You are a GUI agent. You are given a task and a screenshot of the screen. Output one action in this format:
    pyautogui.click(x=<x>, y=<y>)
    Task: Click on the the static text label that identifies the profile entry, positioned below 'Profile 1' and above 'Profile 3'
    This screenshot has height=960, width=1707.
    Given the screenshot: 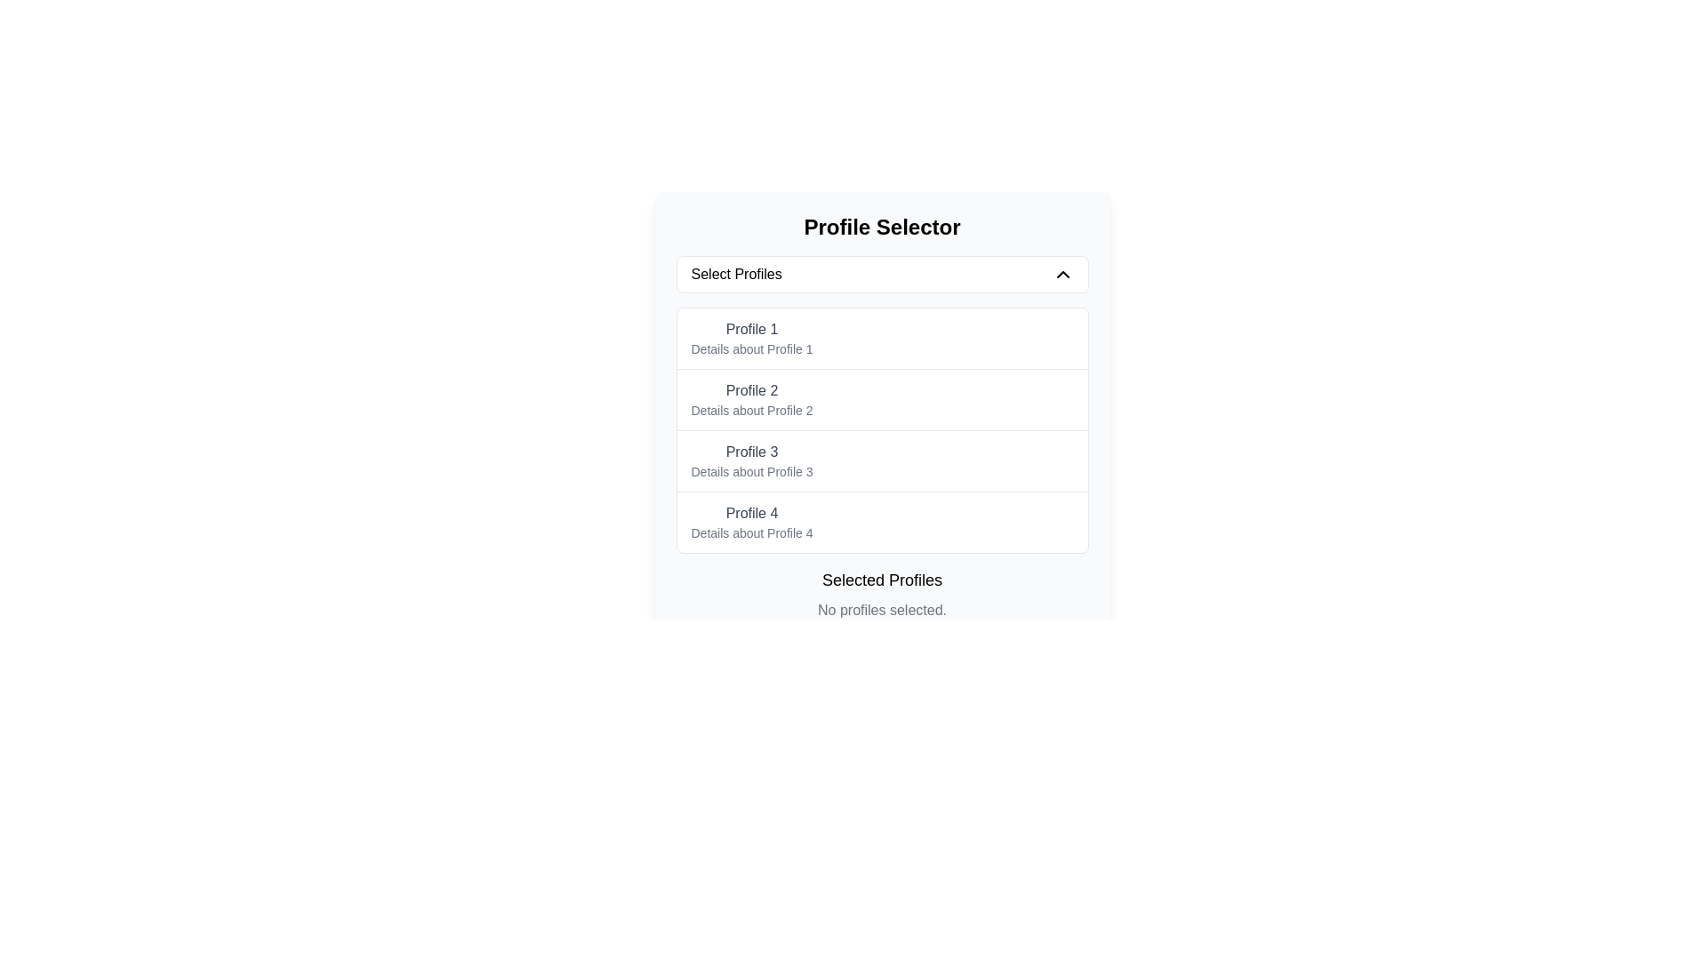 What is the action you would take?
    pyautogui.click(x=751, y=389)
    